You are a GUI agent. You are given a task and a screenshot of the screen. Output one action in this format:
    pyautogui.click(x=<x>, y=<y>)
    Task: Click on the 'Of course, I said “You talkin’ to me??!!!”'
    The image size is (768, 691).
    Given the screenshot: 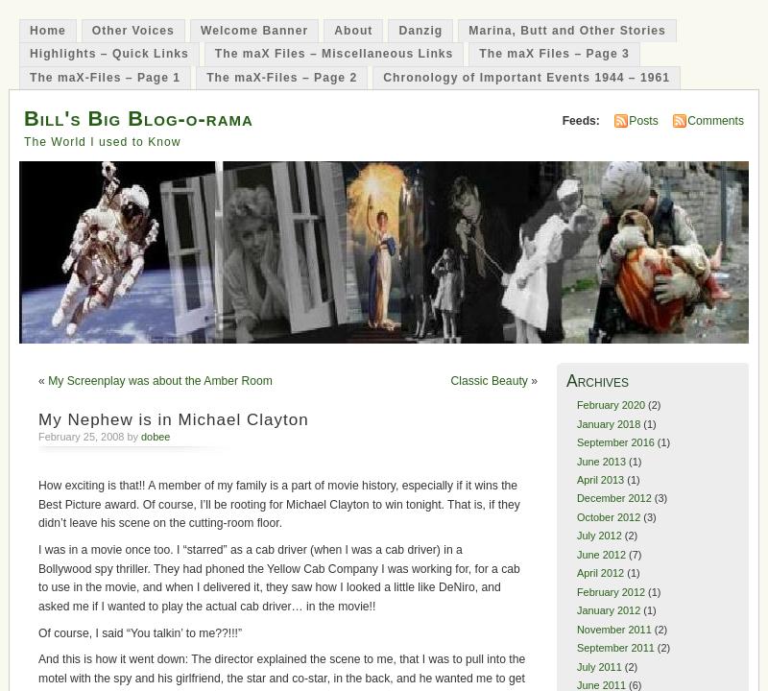 What is the action you would take?
    pyautogui.click(x=139, y=632)
    